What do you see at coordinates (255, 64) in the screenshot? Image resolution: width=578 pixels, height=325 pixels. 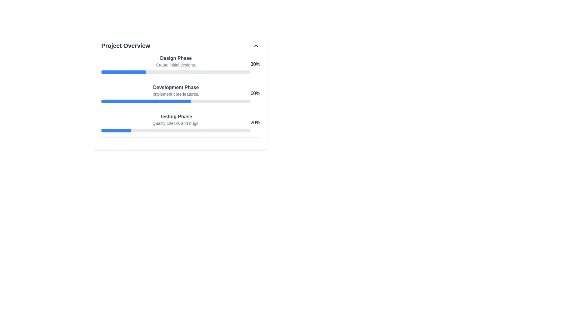 I see `the static label displaying '30%' located to the right of the 'Design Phase' progress bar in the 'Project Overview' interface` at bounding box center [255, 64].